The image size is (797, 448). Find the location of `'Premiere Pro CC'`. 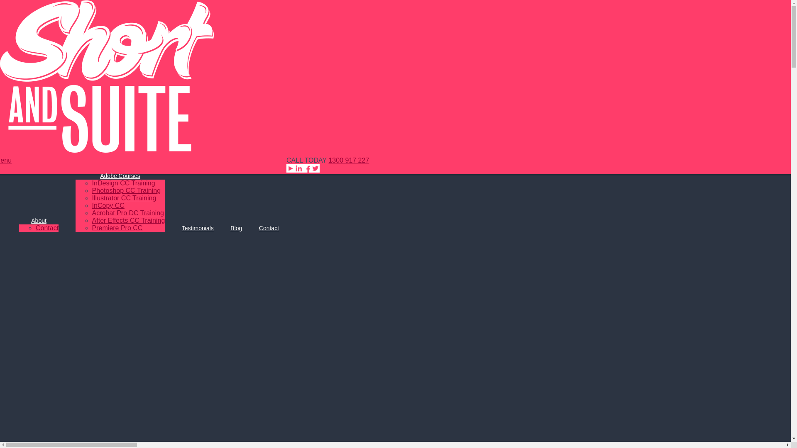

'Premiere Pro CC' is located at coordinates (117, 228).